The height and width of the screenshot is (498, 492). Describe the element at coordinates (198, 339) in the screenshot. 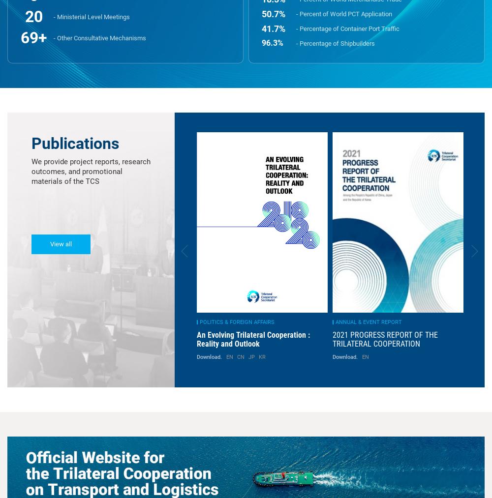

I see `'2021 PROGRESS REPORT OF THE TRILATERAL COOPERATION'` at that location.